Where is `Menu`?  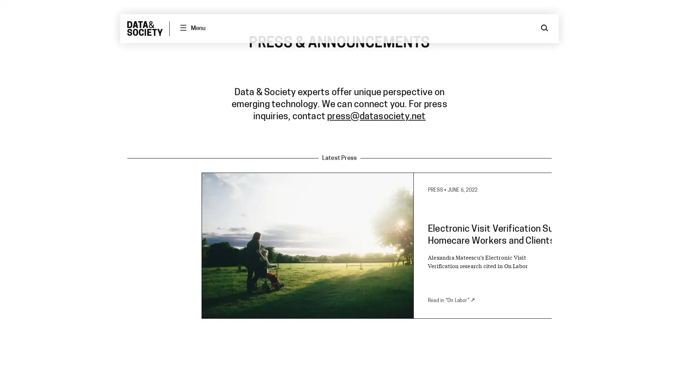 Menu is located at coordinates (192, 28).